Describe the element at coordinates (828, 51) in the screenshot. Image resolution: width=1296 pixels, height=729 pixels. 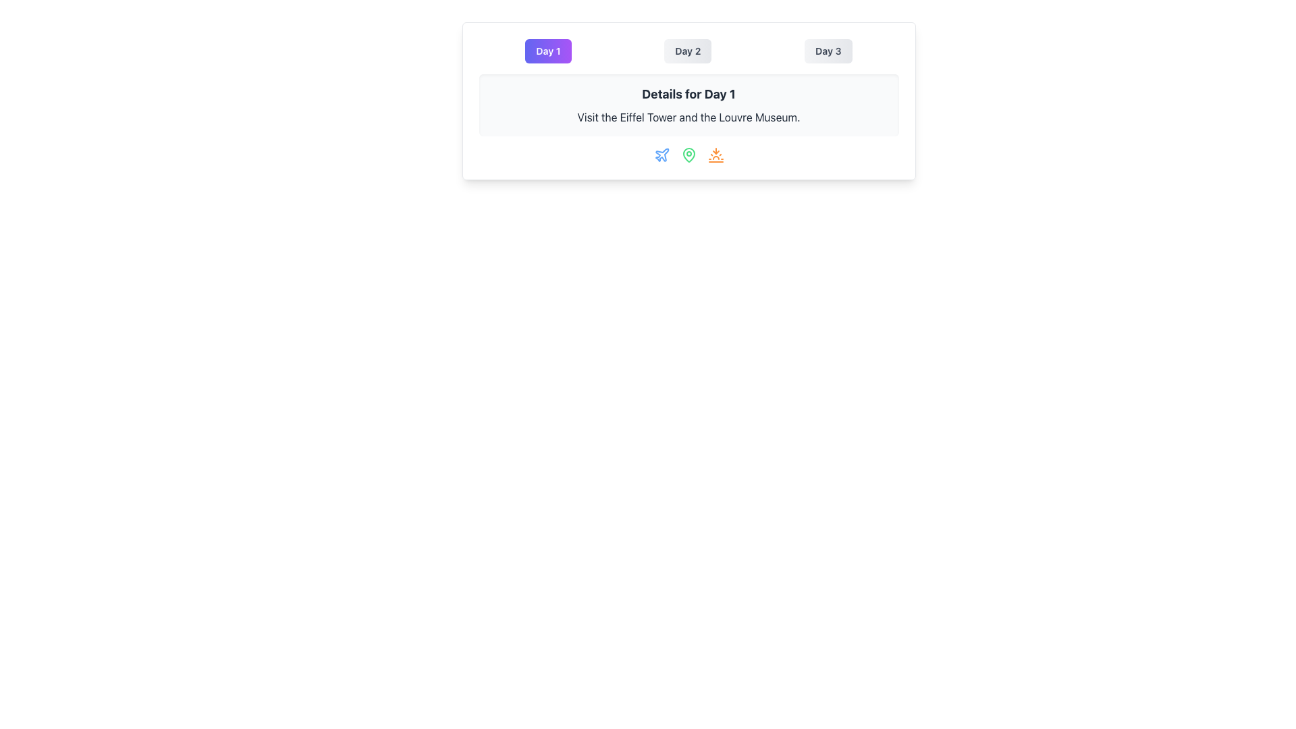
I see `the third button labeled 'Day 3'` at that location.